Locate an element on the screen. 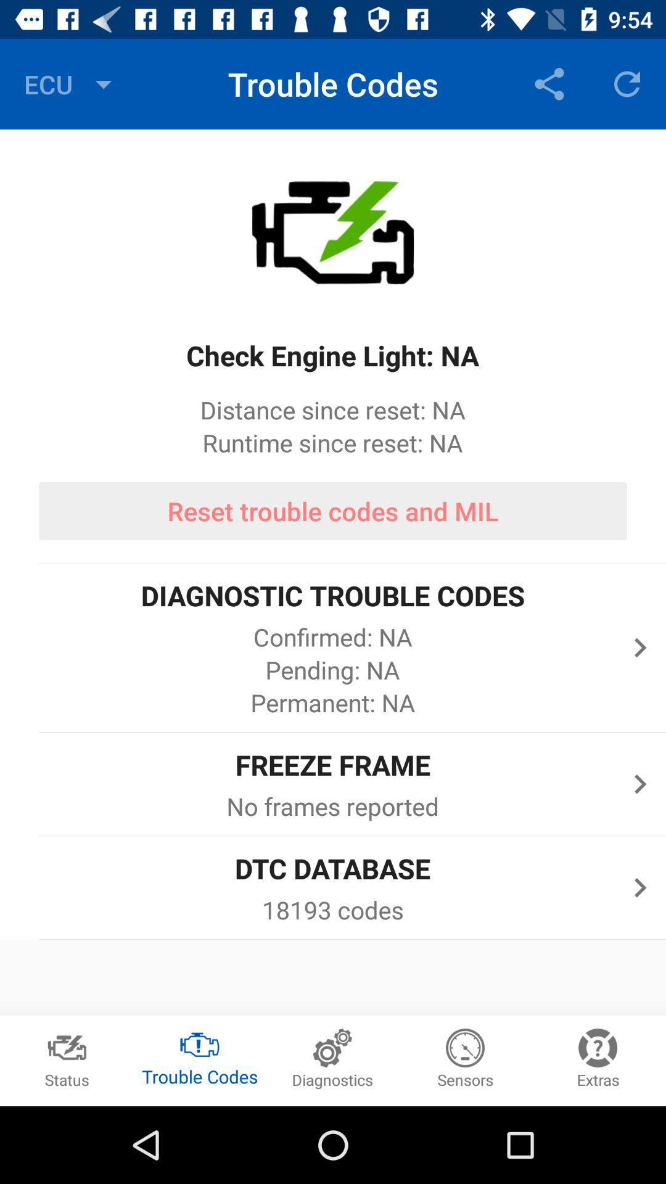 The image size is (666, 1184). the icon to the left of the trouble codes item is located at coordinates (71, 83).